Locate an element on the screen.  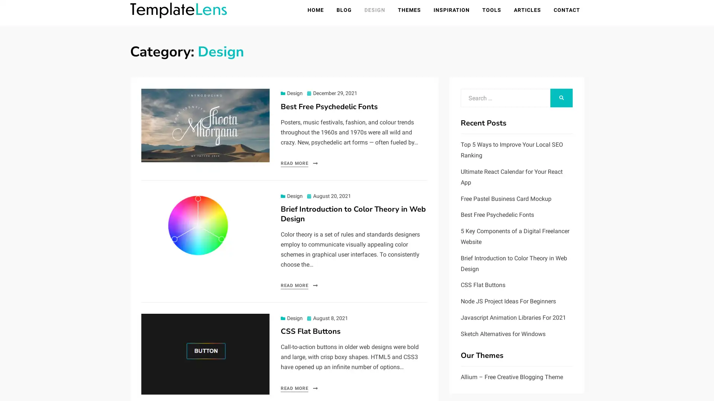
SEARCH is located at coordinates (562, 98).